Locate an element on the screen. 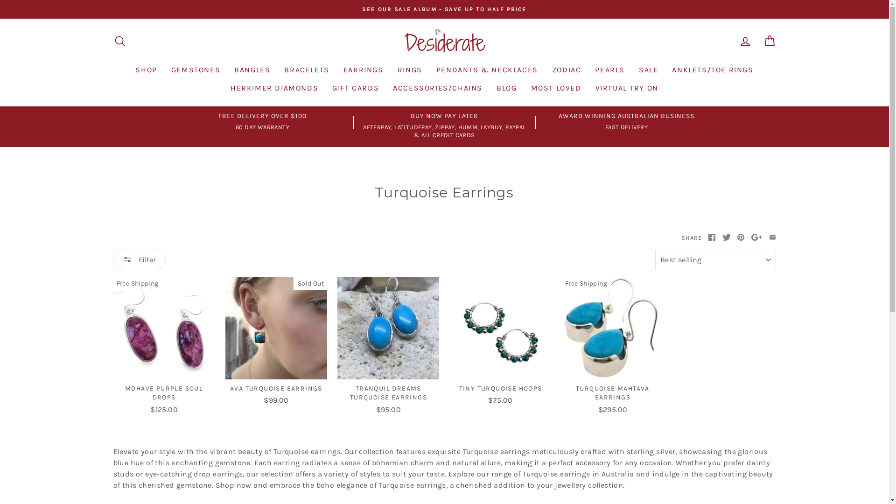 The height and width of the screenshot is (504, 896). 'Skip to content' is located at coordinates (0, 0).